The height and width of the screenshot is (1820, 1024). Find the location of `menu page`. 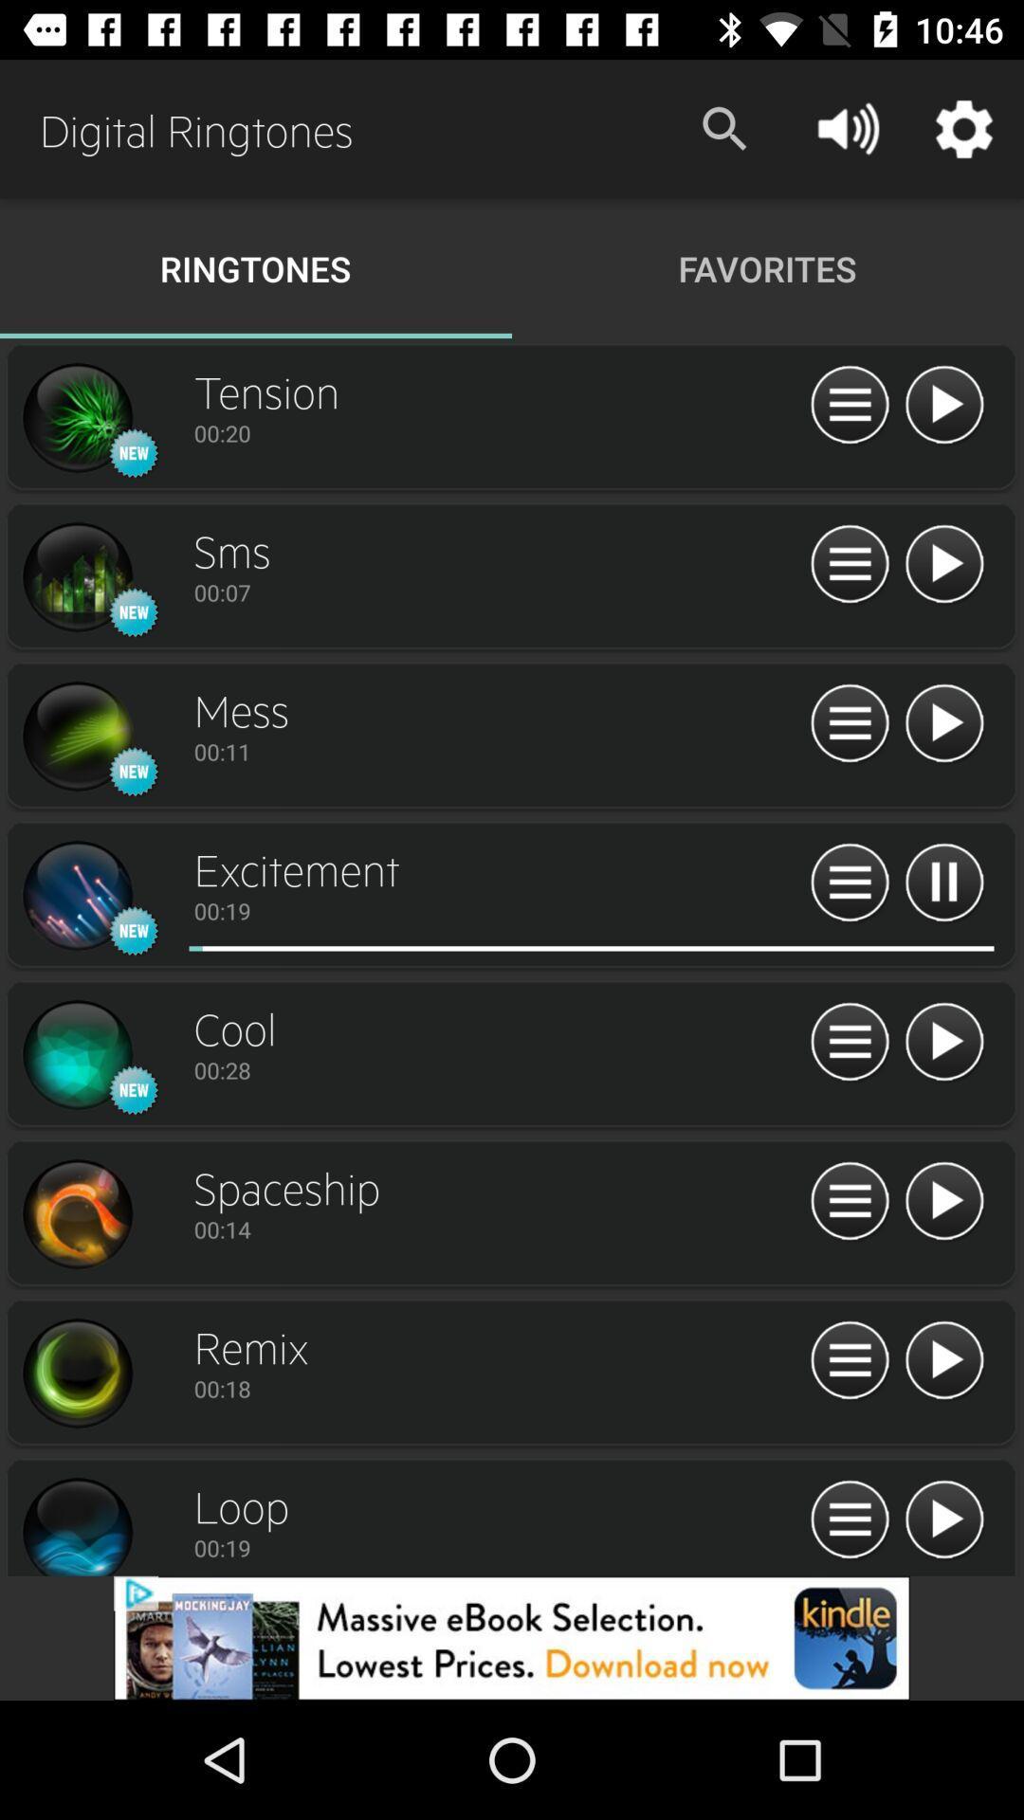

menu page is located at coordinates (849, 1360).